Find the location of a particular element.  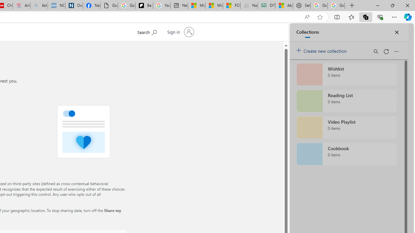

'DITOGAMES AG Imprint' is located at coordinates (267, 6).